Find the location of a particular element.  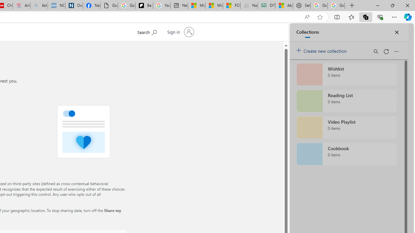

'DITOGAMES AG Imprint' is located at coordinates (267, 6).